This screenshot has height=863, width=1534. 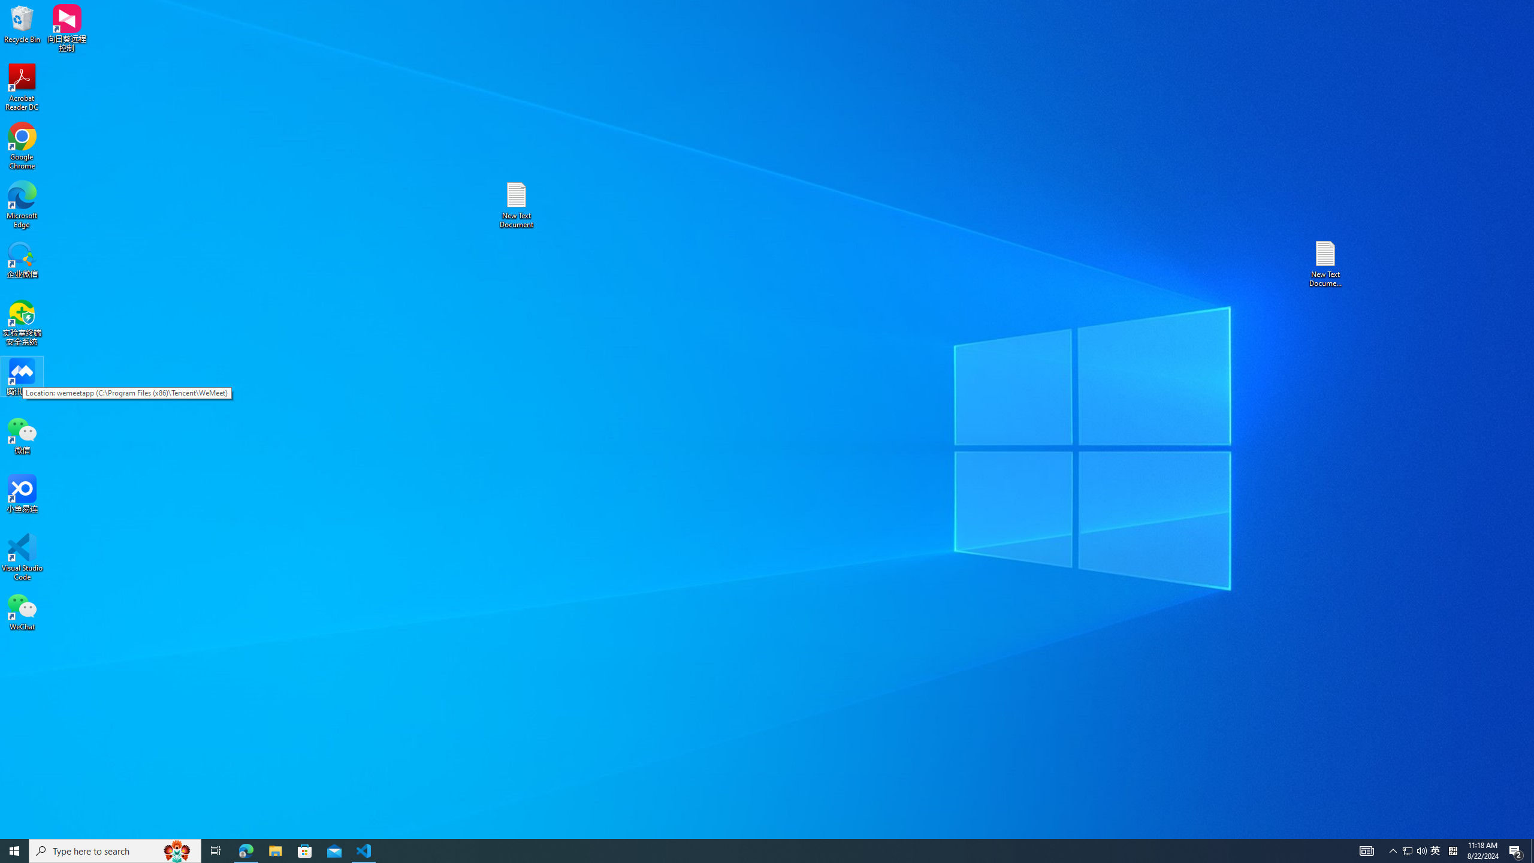 I want to click on 'Start', so click(x=14, y=850).